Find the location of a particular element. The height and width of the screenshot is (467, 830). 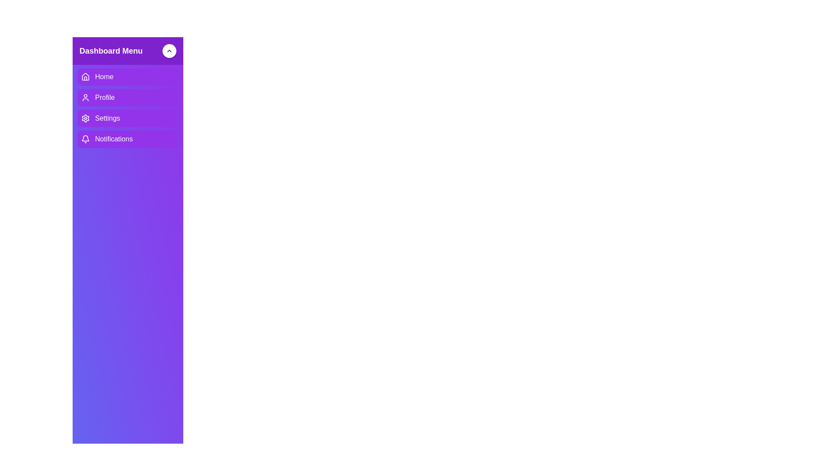

the gear icon, styled with a purple and white color theme, located on a purple background in the third row of the main menu to the left of the 'Settings' label for tooltip or highlight is located at coordinates (85, 118).